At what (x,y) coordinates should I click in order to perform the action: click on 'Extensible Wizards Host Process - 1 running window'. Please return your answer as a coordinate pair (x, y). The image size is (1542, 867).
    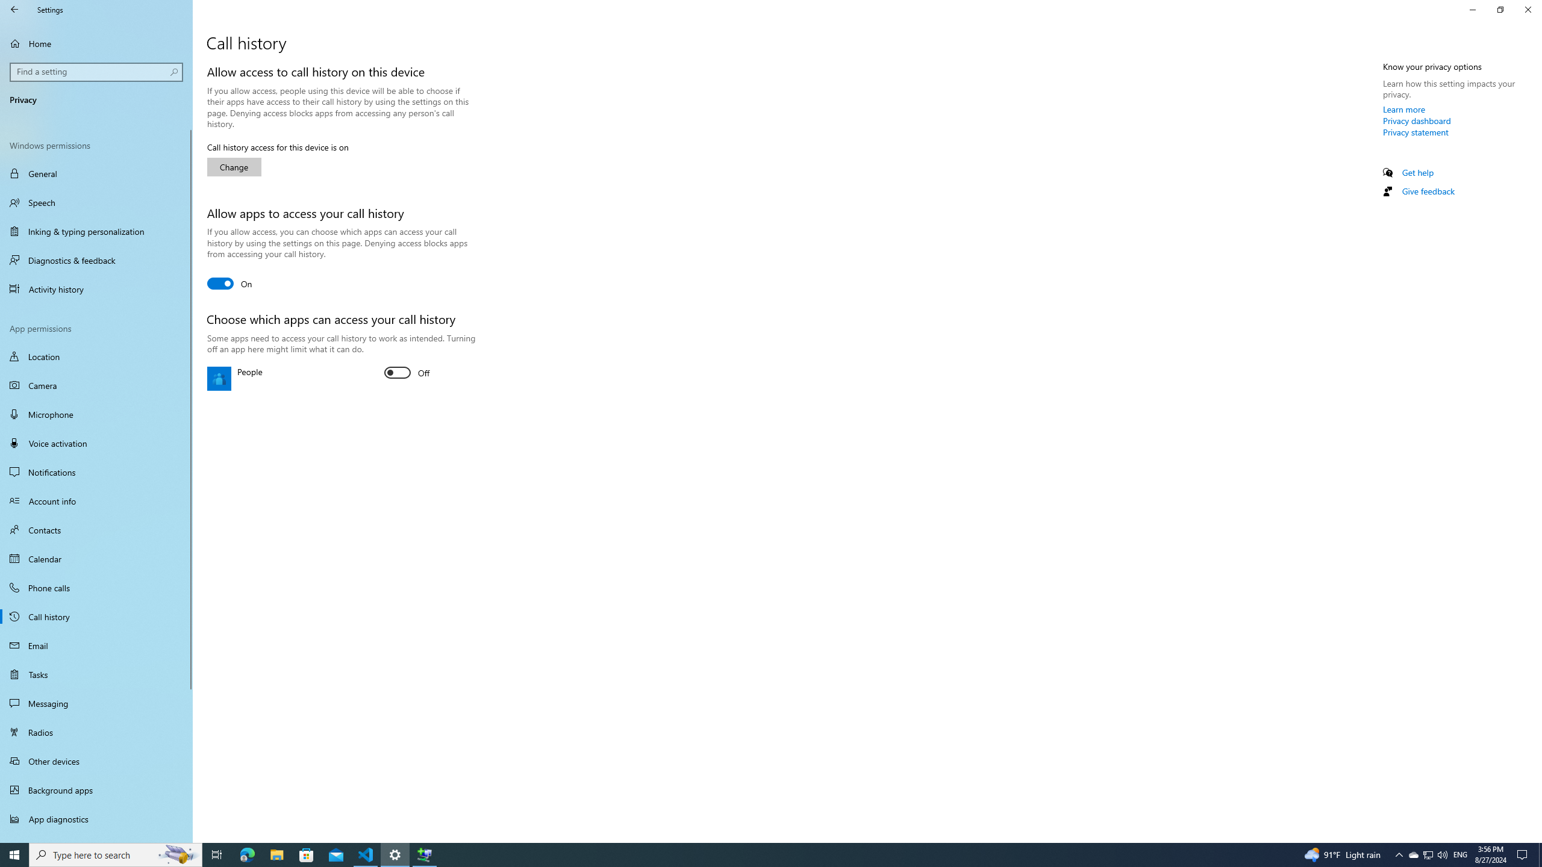
    Looking at the image, I should click on (425, 854).